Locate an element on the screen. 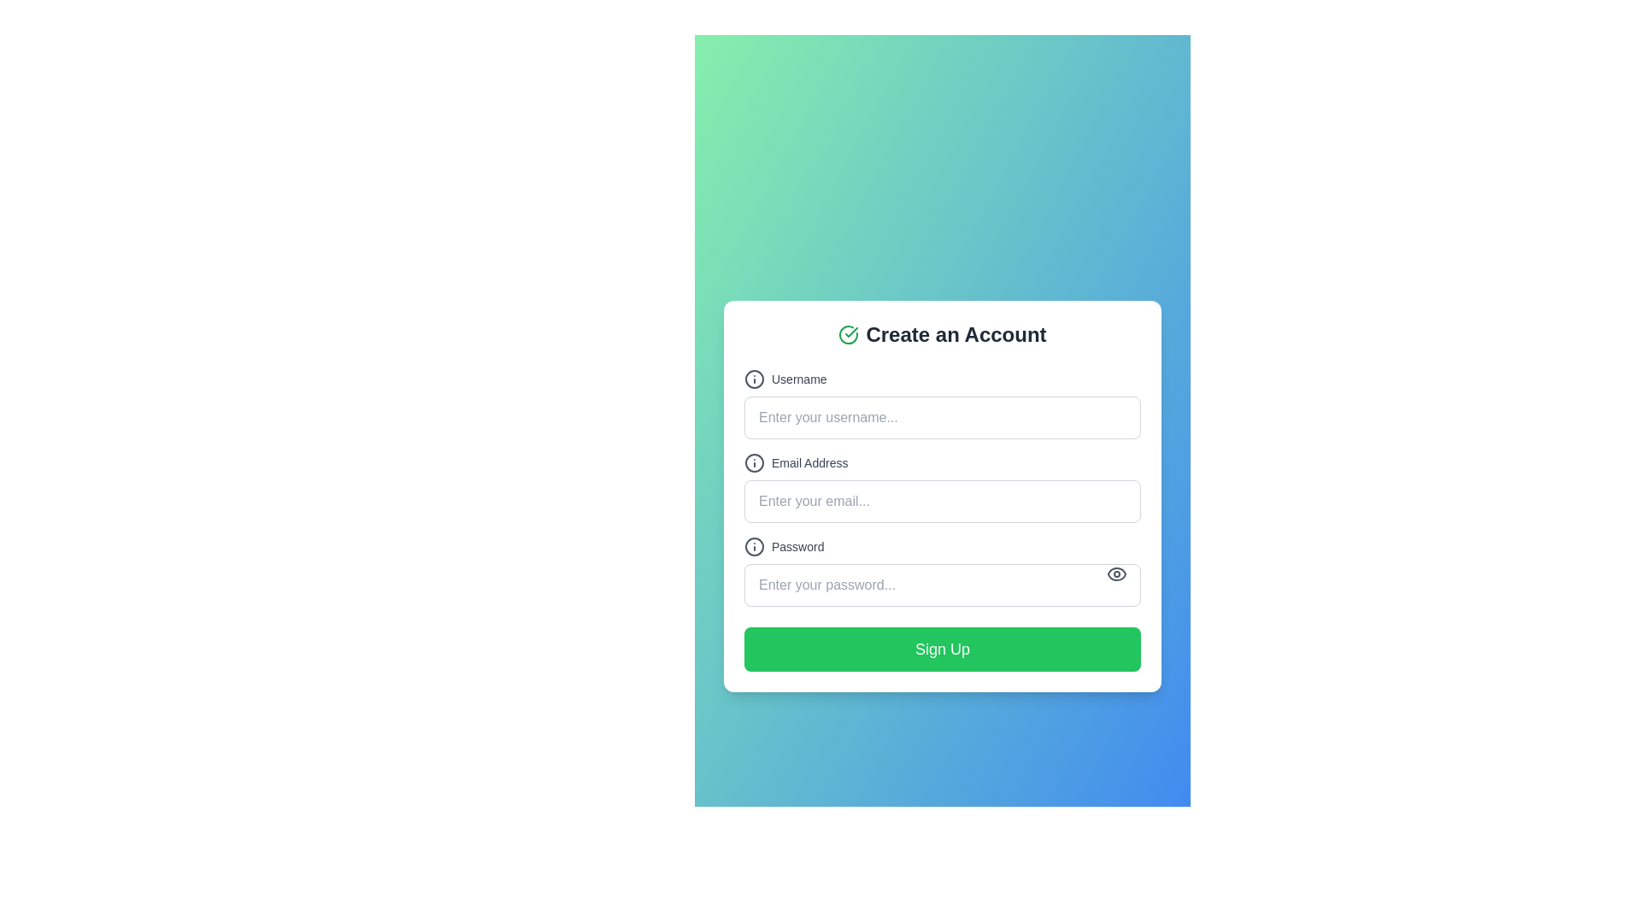  the visual status indicator icon located to the left of the 'Create an Account' title in the account creation dialog box is located at coordinates (849, 335).